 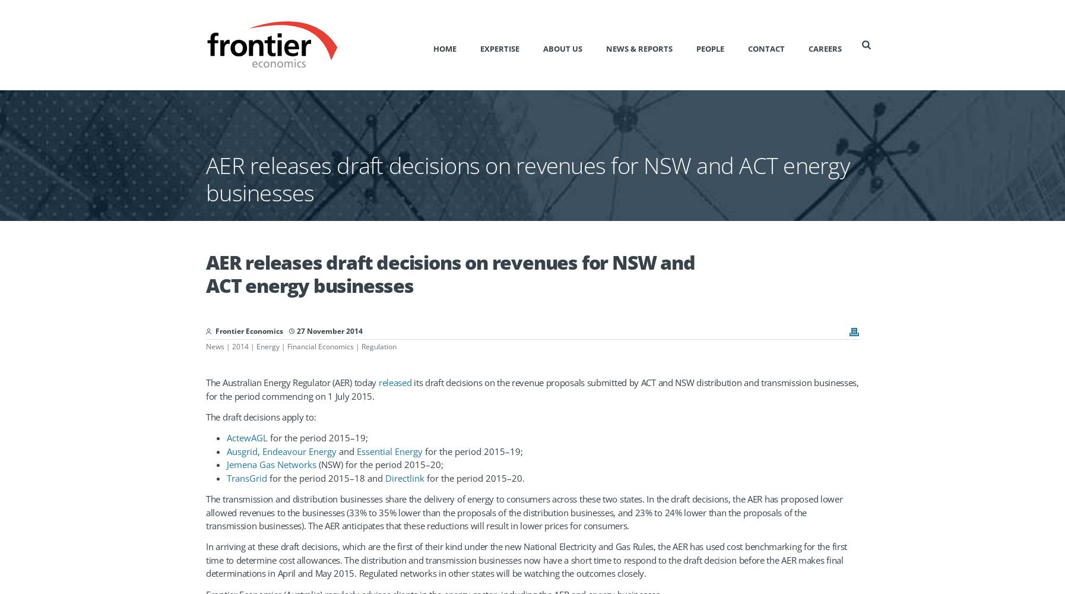 I want to click on 'for the period 2015–18 and', so click(x=326, y=478).